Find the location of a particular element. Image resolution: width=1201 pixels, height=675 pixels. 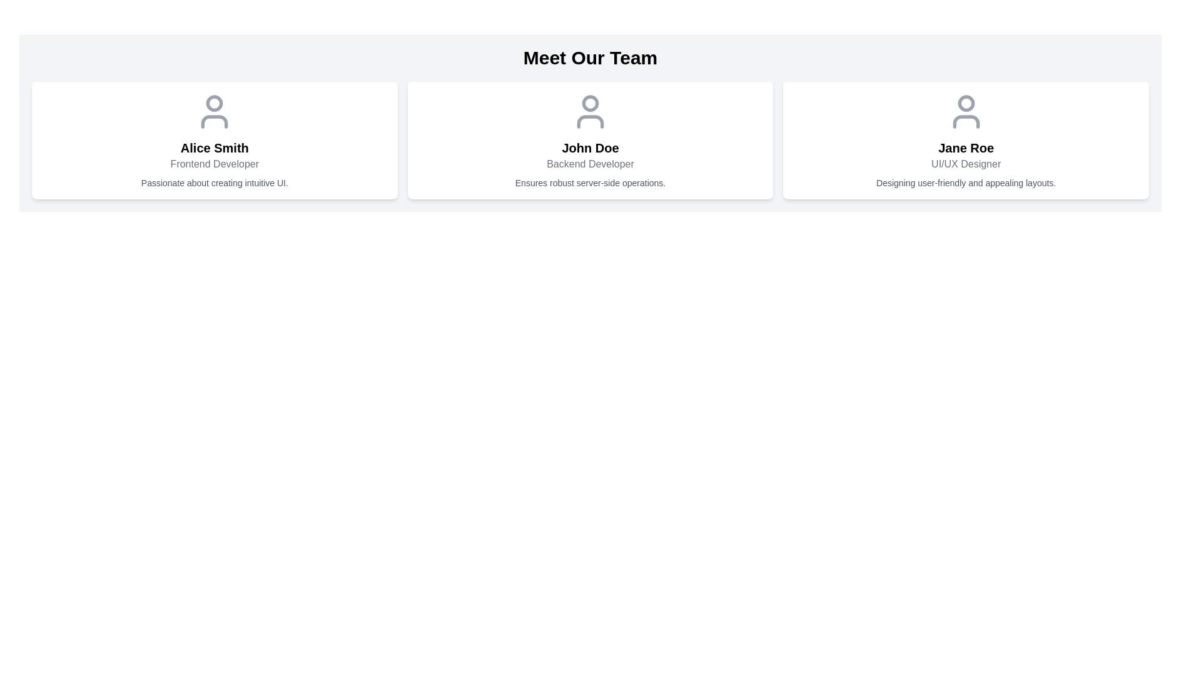

the Text label displaying 'UI/UX Designer', which is positioned under the heading 'Jane Roe' and above the description 'Designing user-friendly and appealing layouts.' is located at coordinates (965, 163).